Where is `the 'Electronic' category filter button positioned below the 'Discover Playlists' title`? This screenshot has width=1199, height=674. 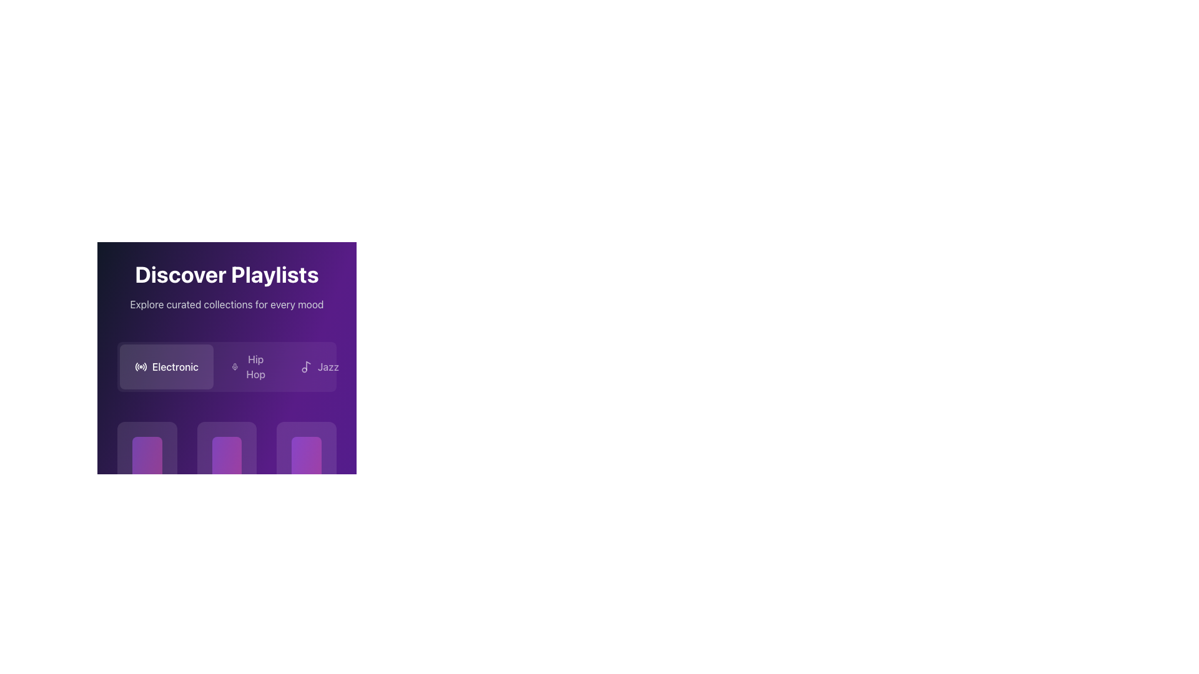 the 'Electronic' category filter button positioned below the 'Discover Playlists' title is located at coordinates (166, 366).